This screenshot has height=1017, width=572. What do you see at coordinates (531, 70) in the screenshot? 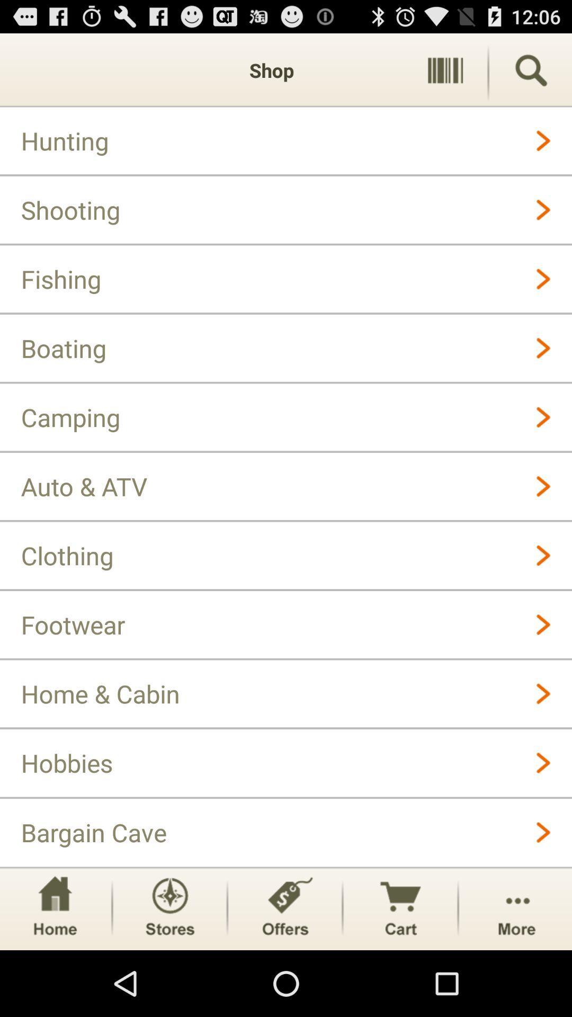
I see `the search icon beside bar code` at bounding box center [531, 70].